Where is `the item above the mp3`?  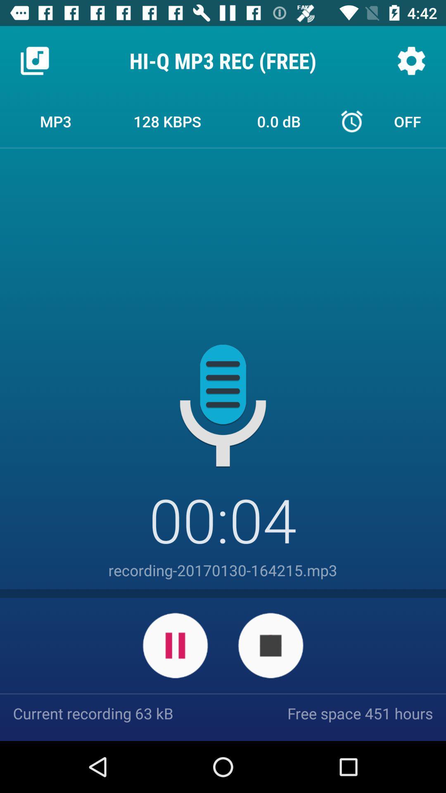
the item above the mp3 is located at coordinates (34, 60).